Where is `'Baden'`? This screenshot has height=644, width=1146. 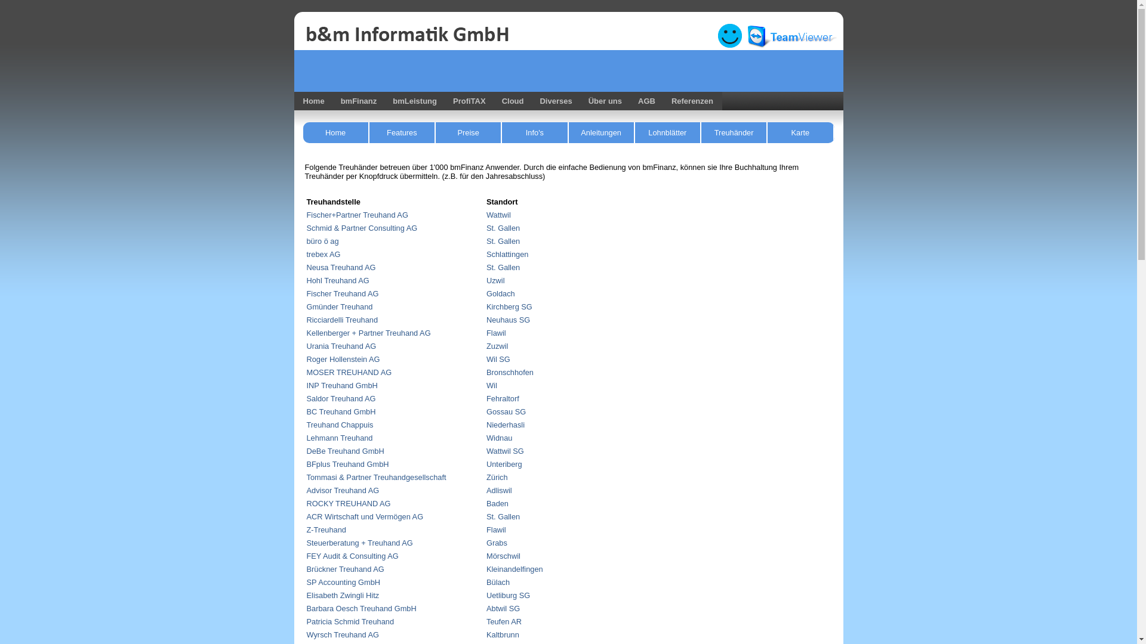 'Baden' is located at coordinates (486, 503).